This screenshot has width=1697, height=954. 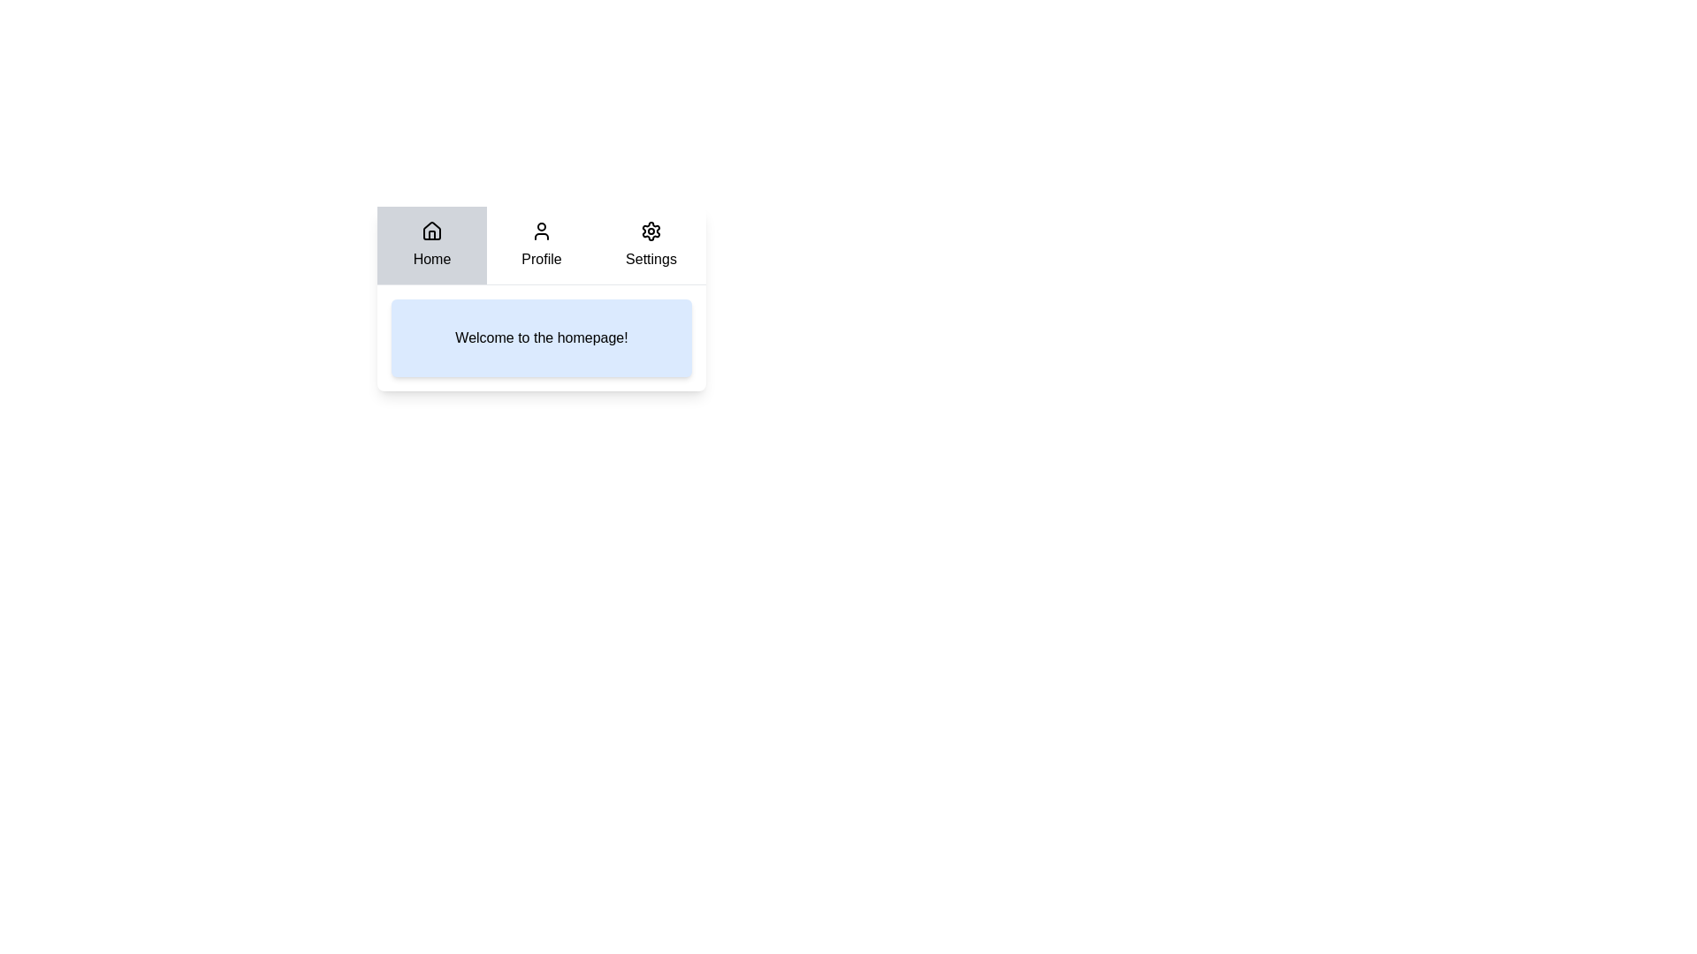 I want to click on the Profile tab by clicking on it, so click(x=541, y=245).